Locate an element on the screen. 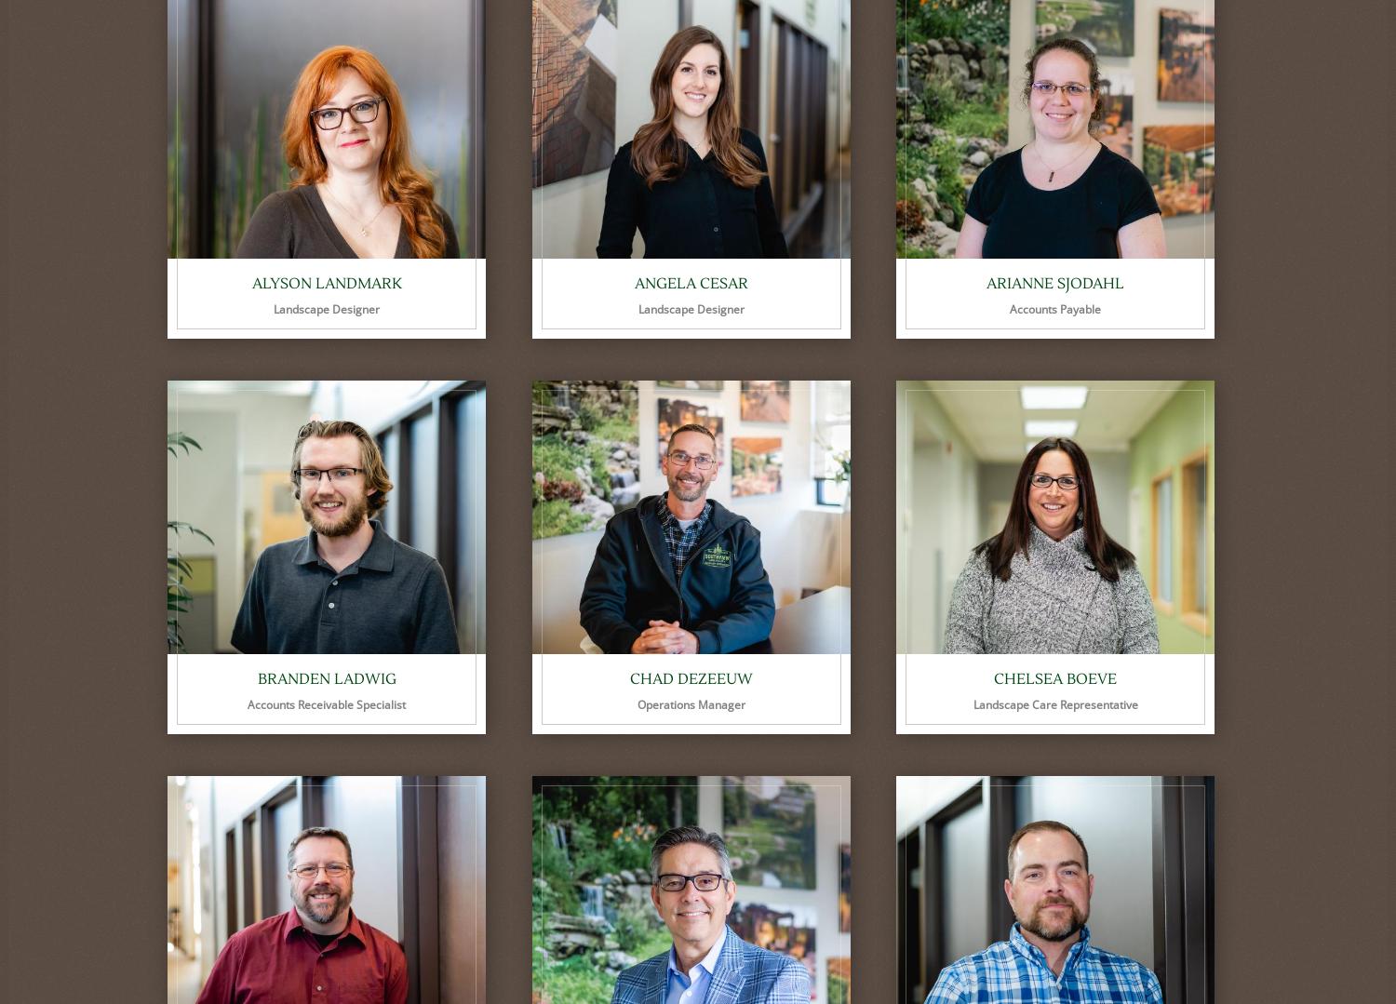 Image resolution: width=1396 pixels, height=1004 pixels. 'Chelsea Boeve' is located at coordinates (1055, 678).